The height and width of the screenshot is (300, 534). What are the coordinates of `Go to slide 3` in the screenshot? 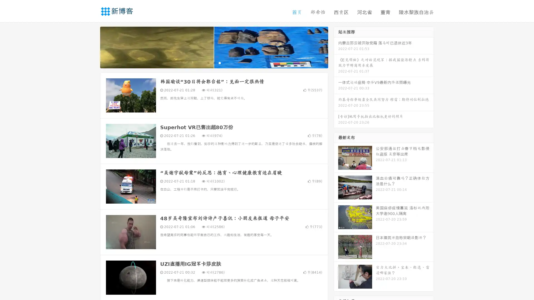 It's located at (219, 62).